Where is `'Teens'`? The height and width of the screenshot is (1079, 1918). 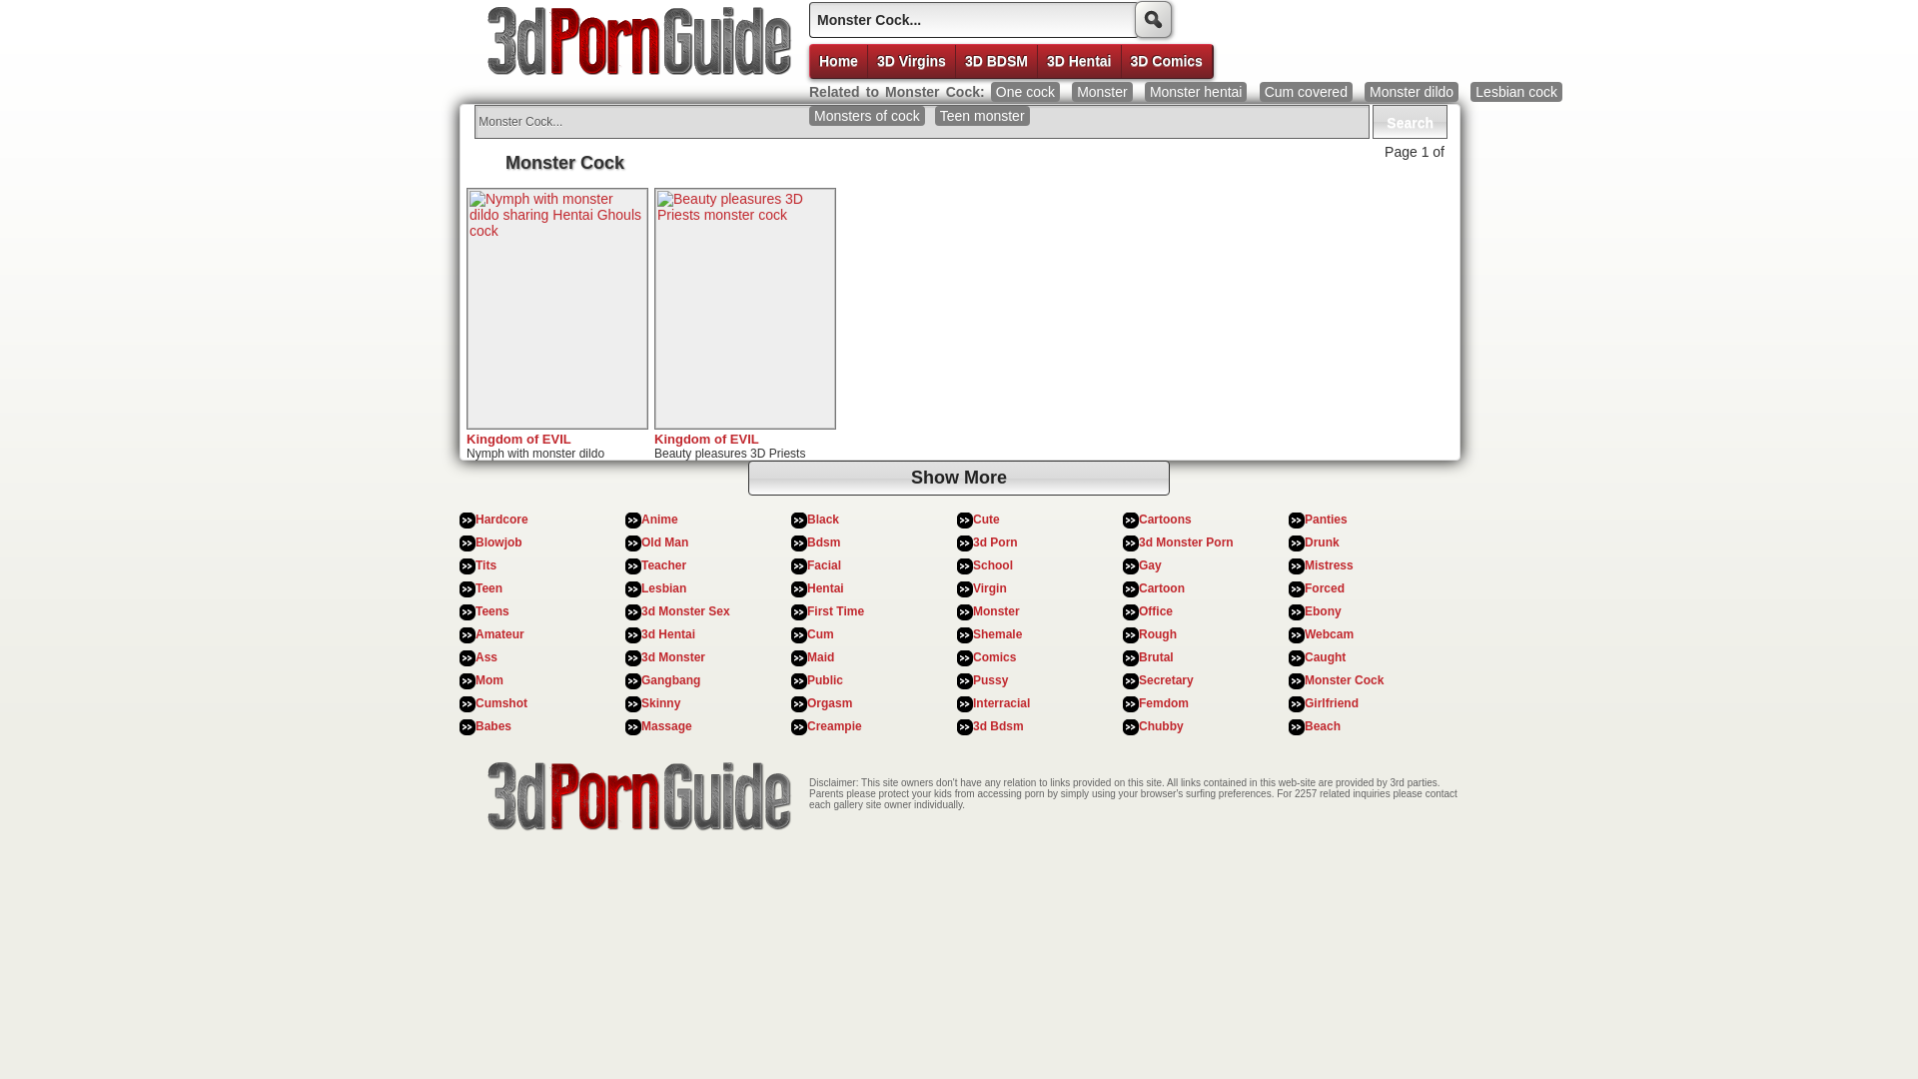 'Teens' is located at coordinates (492, 610).